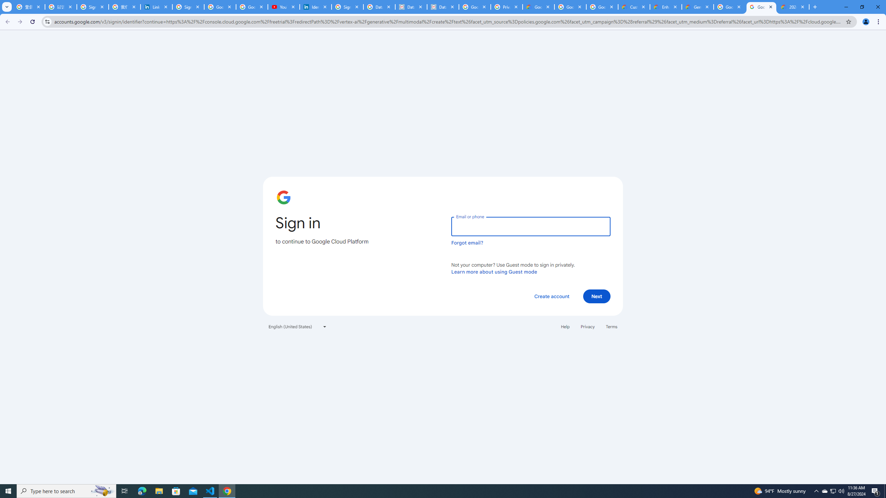  I want to click on 'Email or phone', so click(530, 226).